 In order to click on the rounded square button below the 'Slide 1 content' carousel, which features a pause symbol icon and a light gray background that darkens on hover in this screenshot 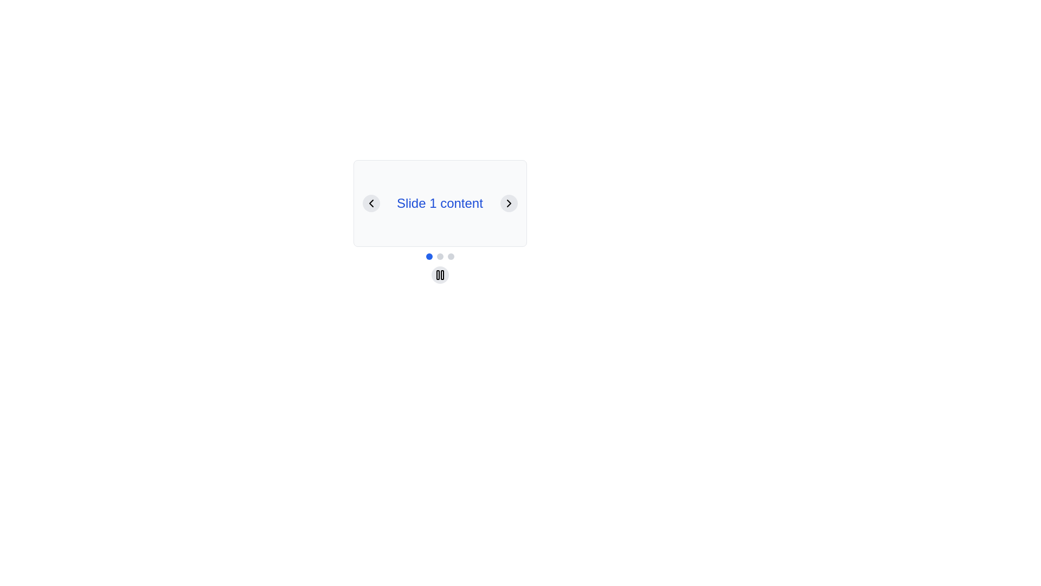, I will do `click(440, 275)`.